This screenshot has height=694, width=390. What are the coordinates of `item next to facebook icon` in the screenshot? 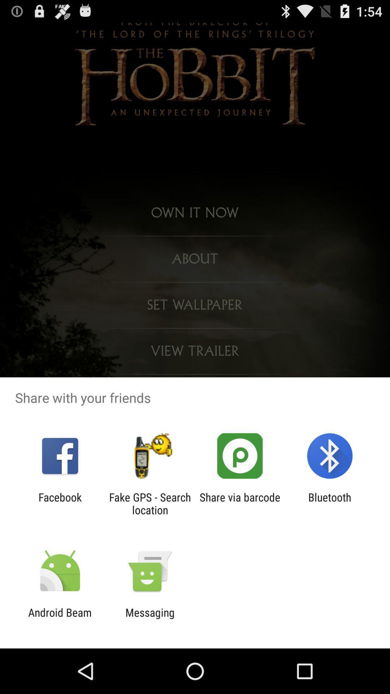 It's located at (149, 503).